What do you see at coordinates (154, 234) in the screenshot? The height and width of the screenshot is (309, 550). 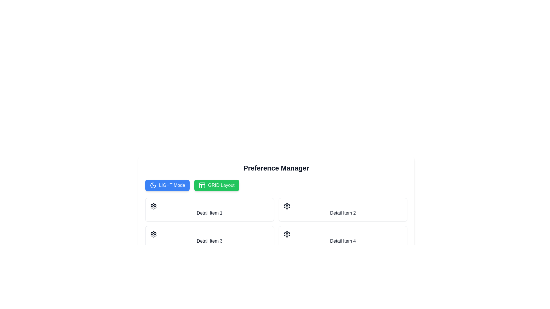 I see `the settings icon located` at bounding box center [154, 234].